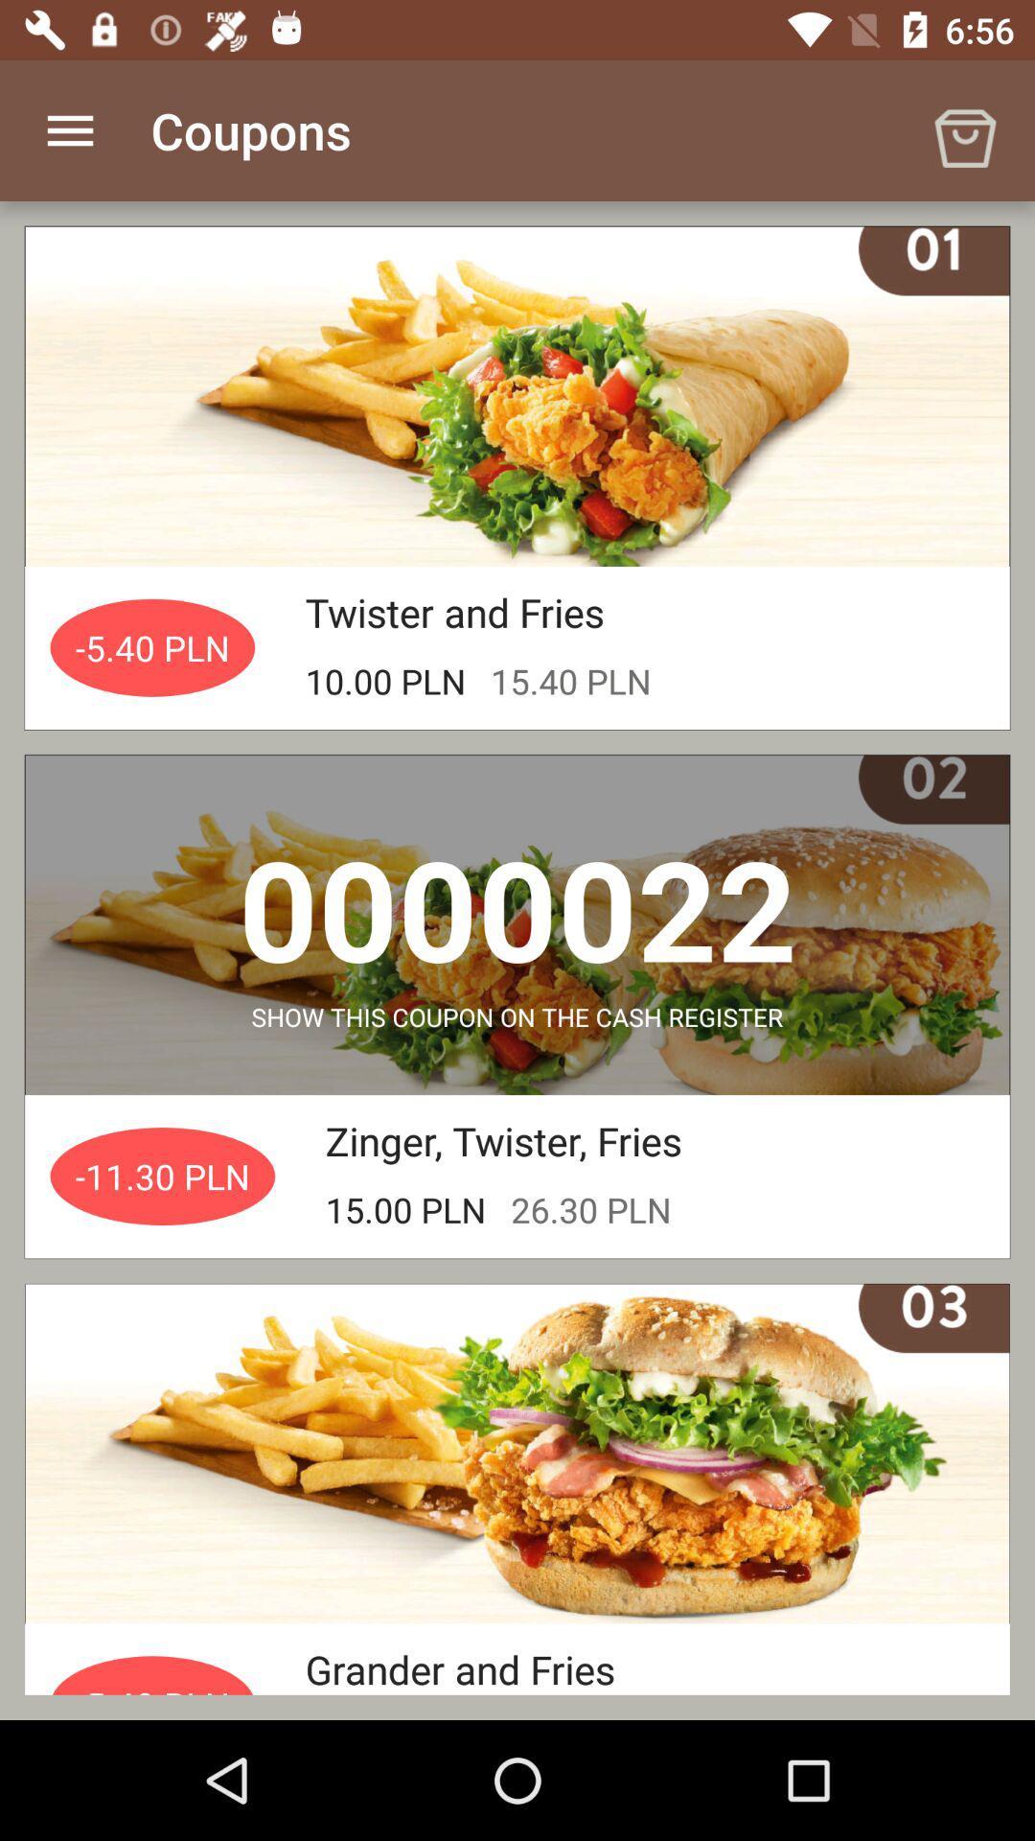 This screenshot has width=1035, height=1841. What do you see at coordinates (69, 129) in the screenshot?
I see `app next to the coupons icon` at bounding box center [69, 129].